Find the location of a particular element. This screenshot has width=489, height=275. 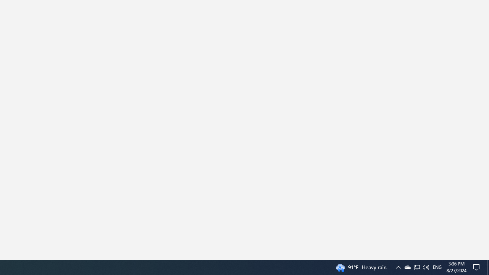

'User Promoted Notification Area' is located at coordinates (398, 267).